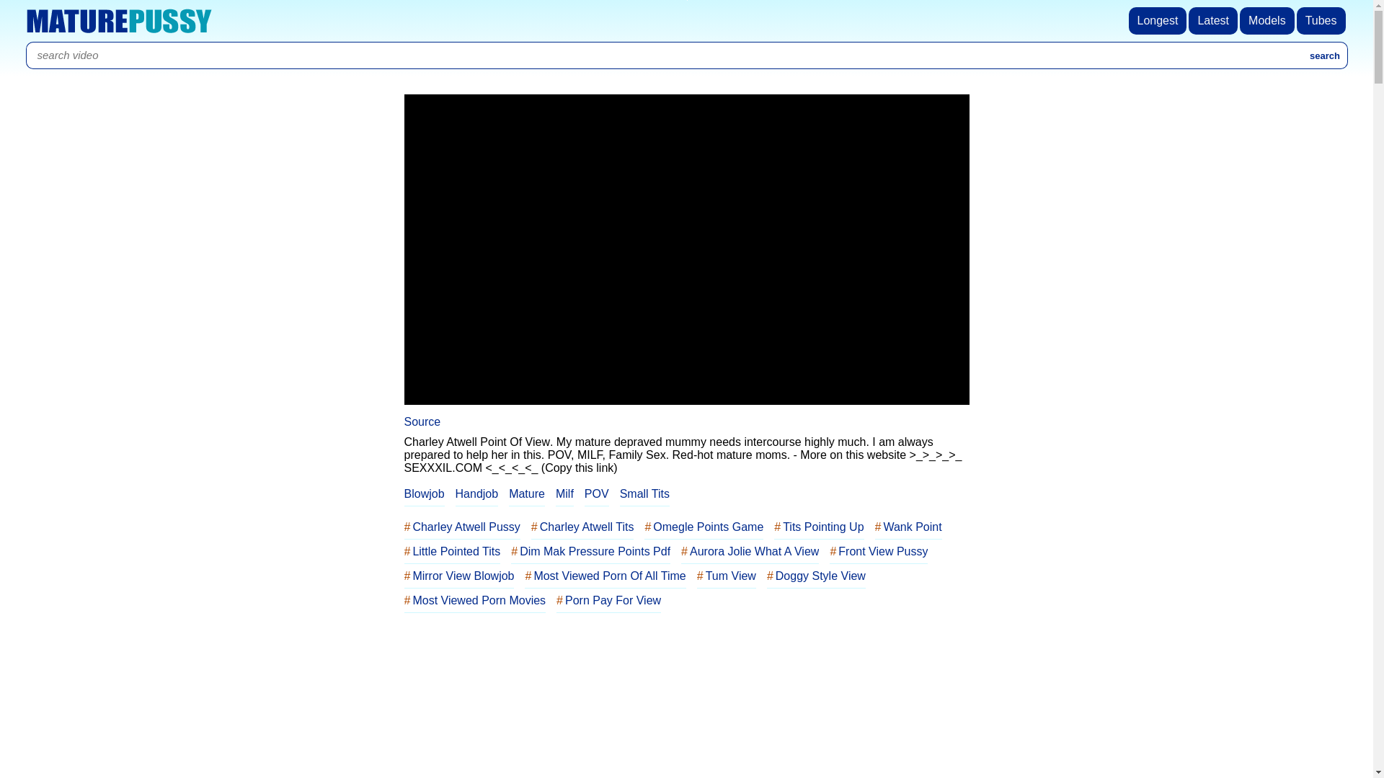 This screenshot has width=1384, height=778. Describe the element at coordinates (1267, 21) in the screenshot. I see `'Models'` at that location.